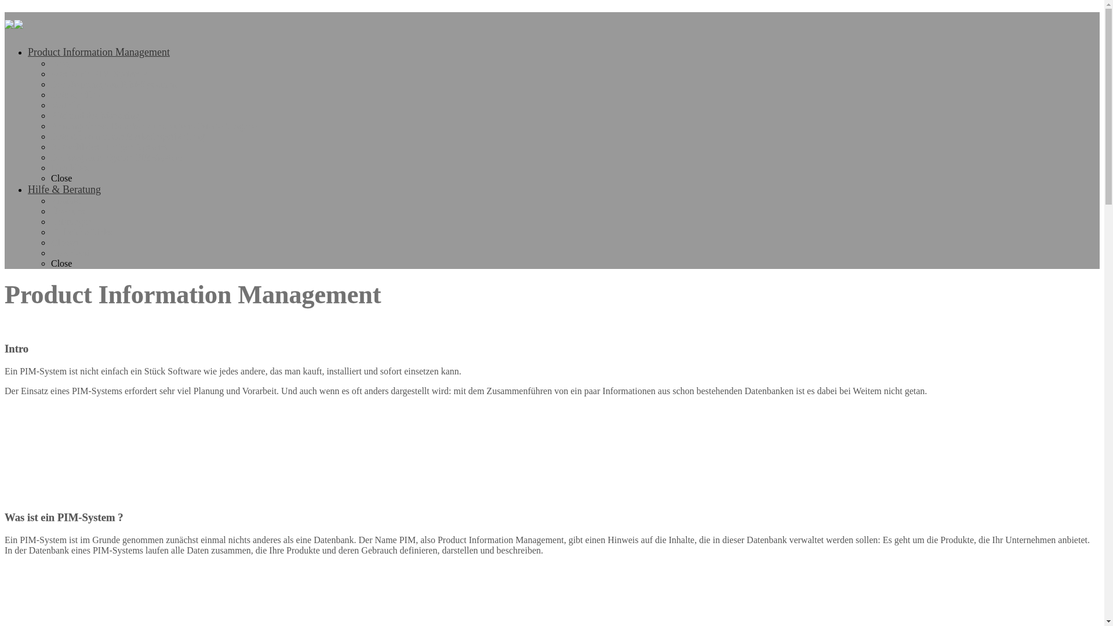 The height and width of the screenshot is (626, 1113). I want to click on 'Kontakt', so click(50, 200).